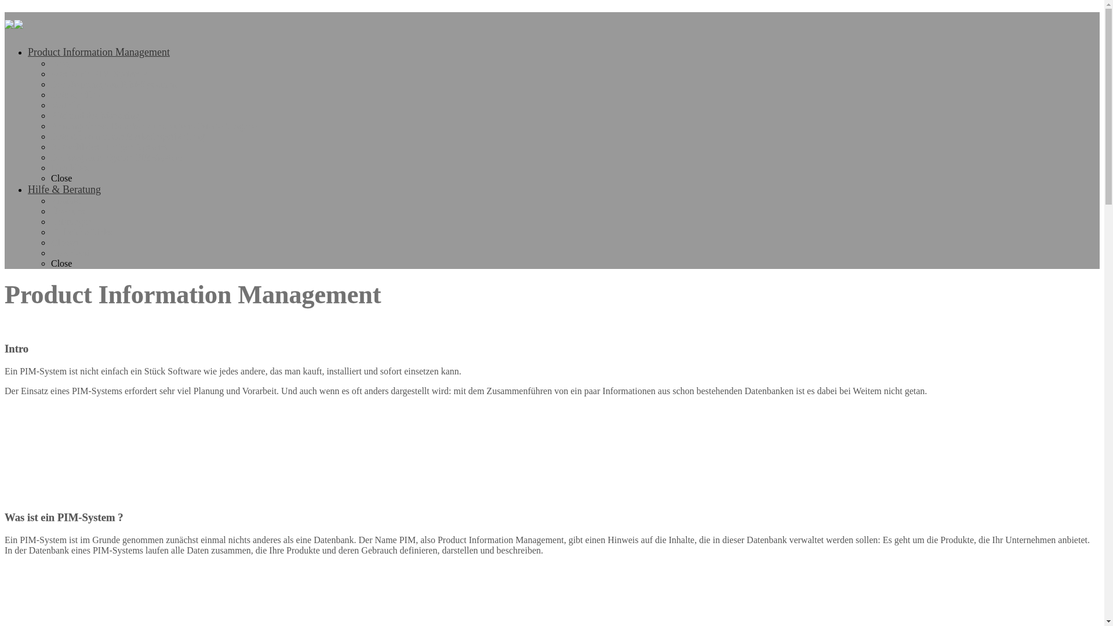 The height and width of the screenshot is (626, 1113). I want to click on 'Kontakt', so click(50, 200).